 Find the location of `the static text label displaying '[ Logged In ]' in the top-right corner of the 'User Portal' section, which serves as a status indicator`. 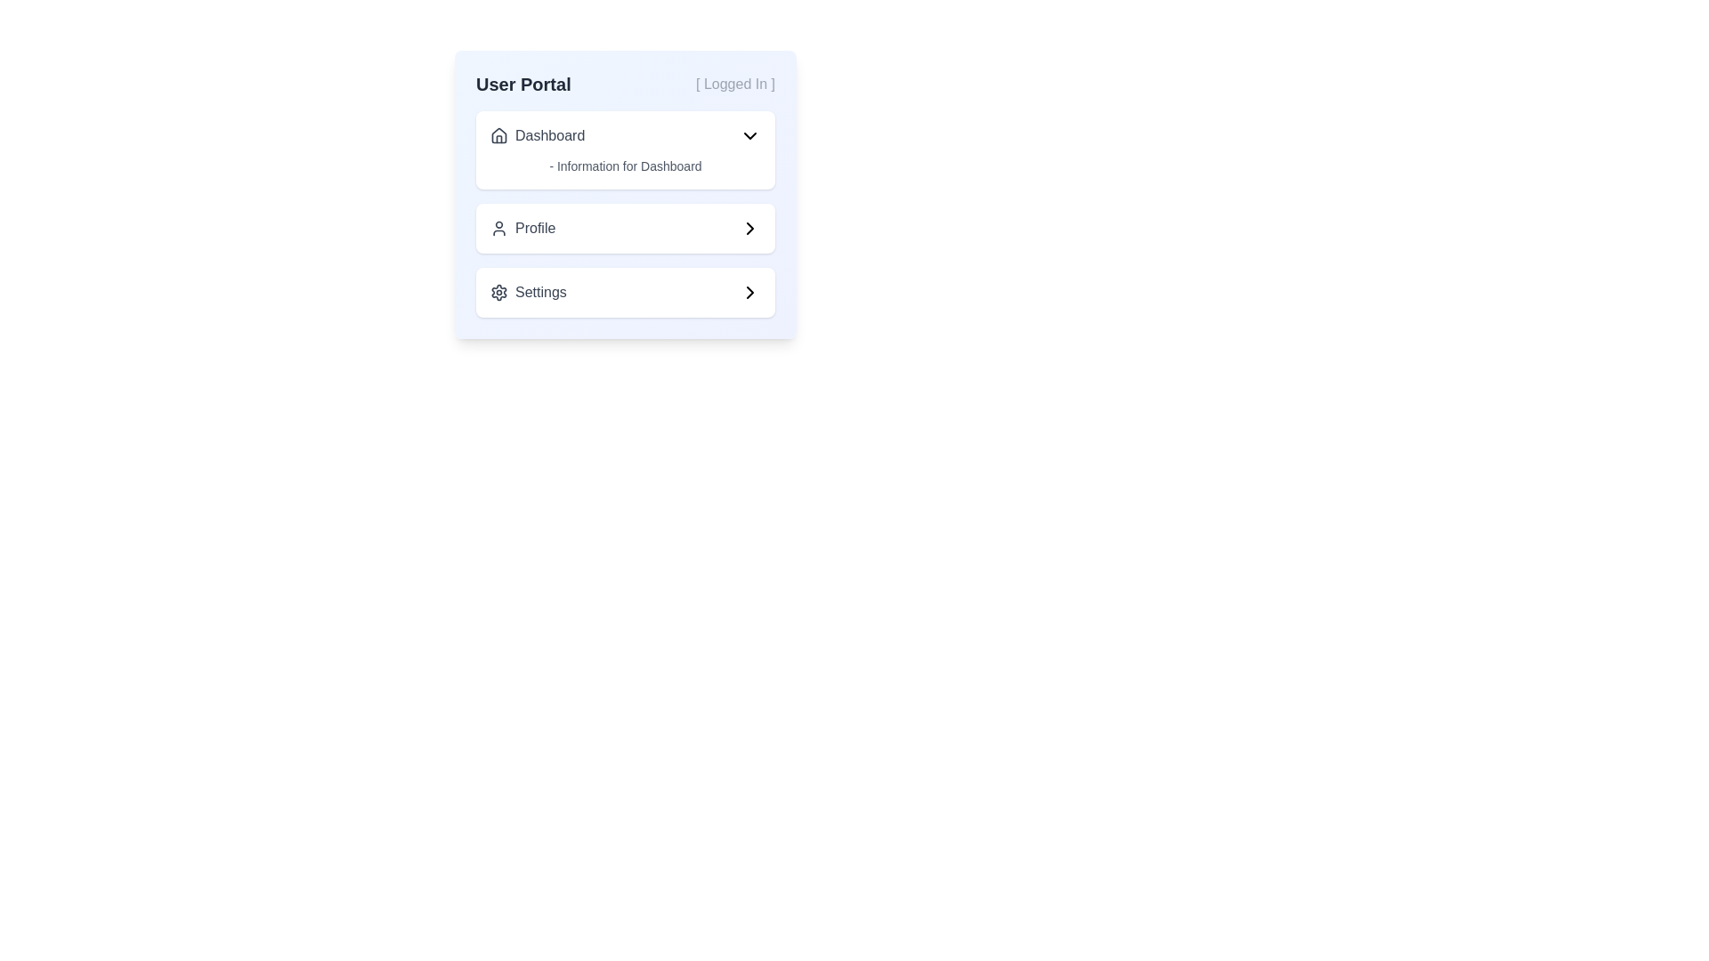

the static text label displaying '[ Logged In ]' in the top-right corner of the 'User Portal' section, which serves as a status indicator is located at coordinates (735, 85).